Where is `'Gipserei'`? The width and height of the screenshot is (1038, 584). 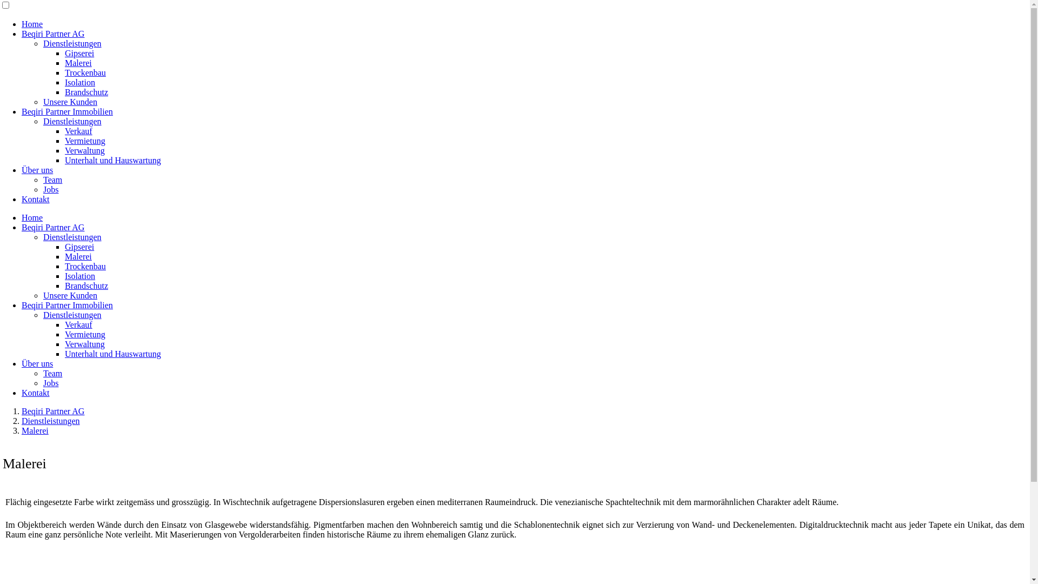
'Gipserei' is located at coordinates (64, 53).